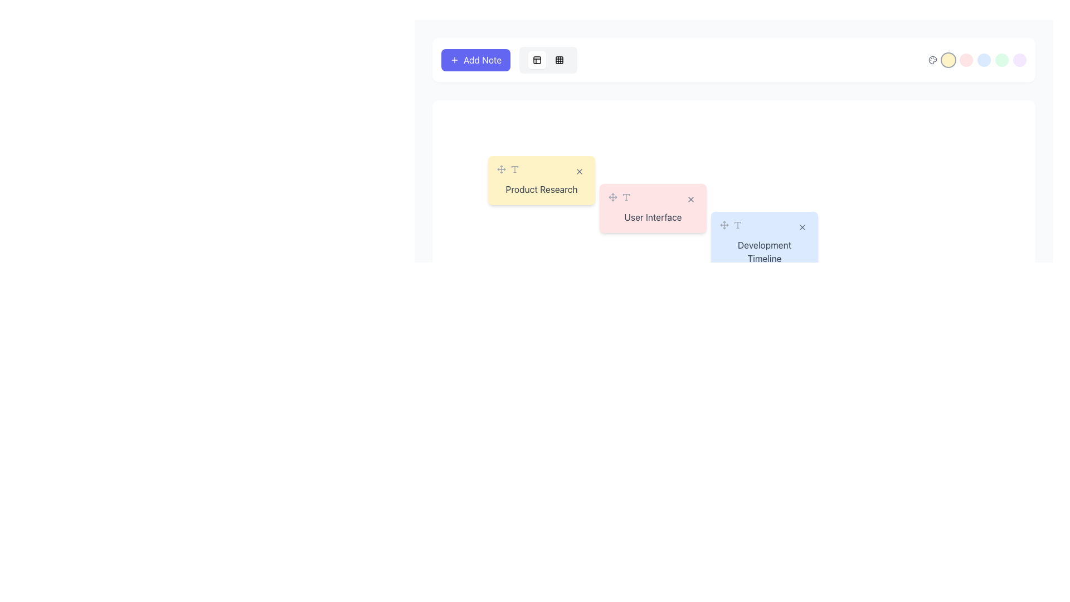  What do you see at coordinates (738, 225) in the screenshot?
I see `the last icon in the horizontal row of icons near the top-right corner of the 'Development Timeline' box` at bounding box center [738, 225].